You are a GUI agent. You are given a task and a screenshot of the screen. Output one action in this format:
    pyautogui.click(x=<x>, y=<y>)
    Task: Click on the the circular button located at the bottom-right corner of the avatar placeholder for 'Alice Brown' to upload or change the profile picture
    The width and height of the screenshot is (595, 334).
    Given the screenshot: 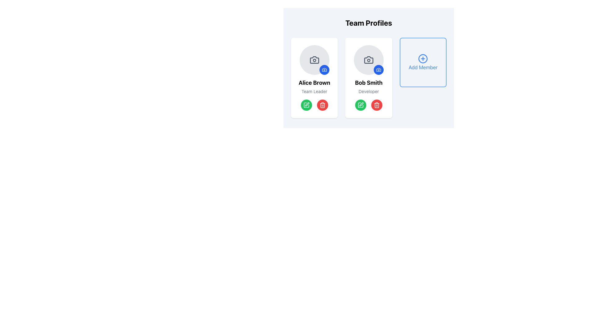 What is the action you would take?
    pyautogui.click(x=314, y=60)
    